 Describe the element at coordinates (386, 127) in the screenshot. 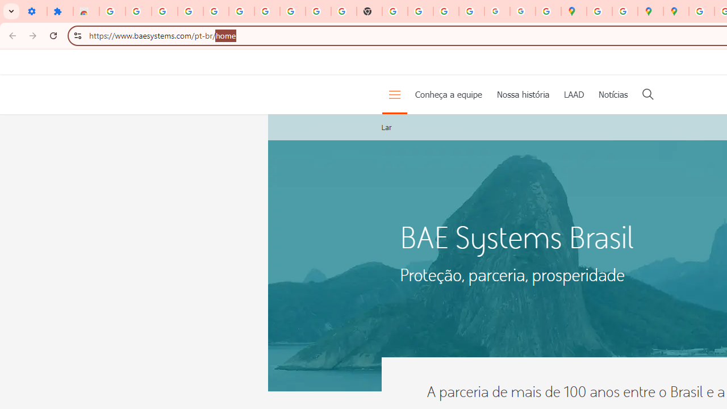

I see `'Lar'` at that location.